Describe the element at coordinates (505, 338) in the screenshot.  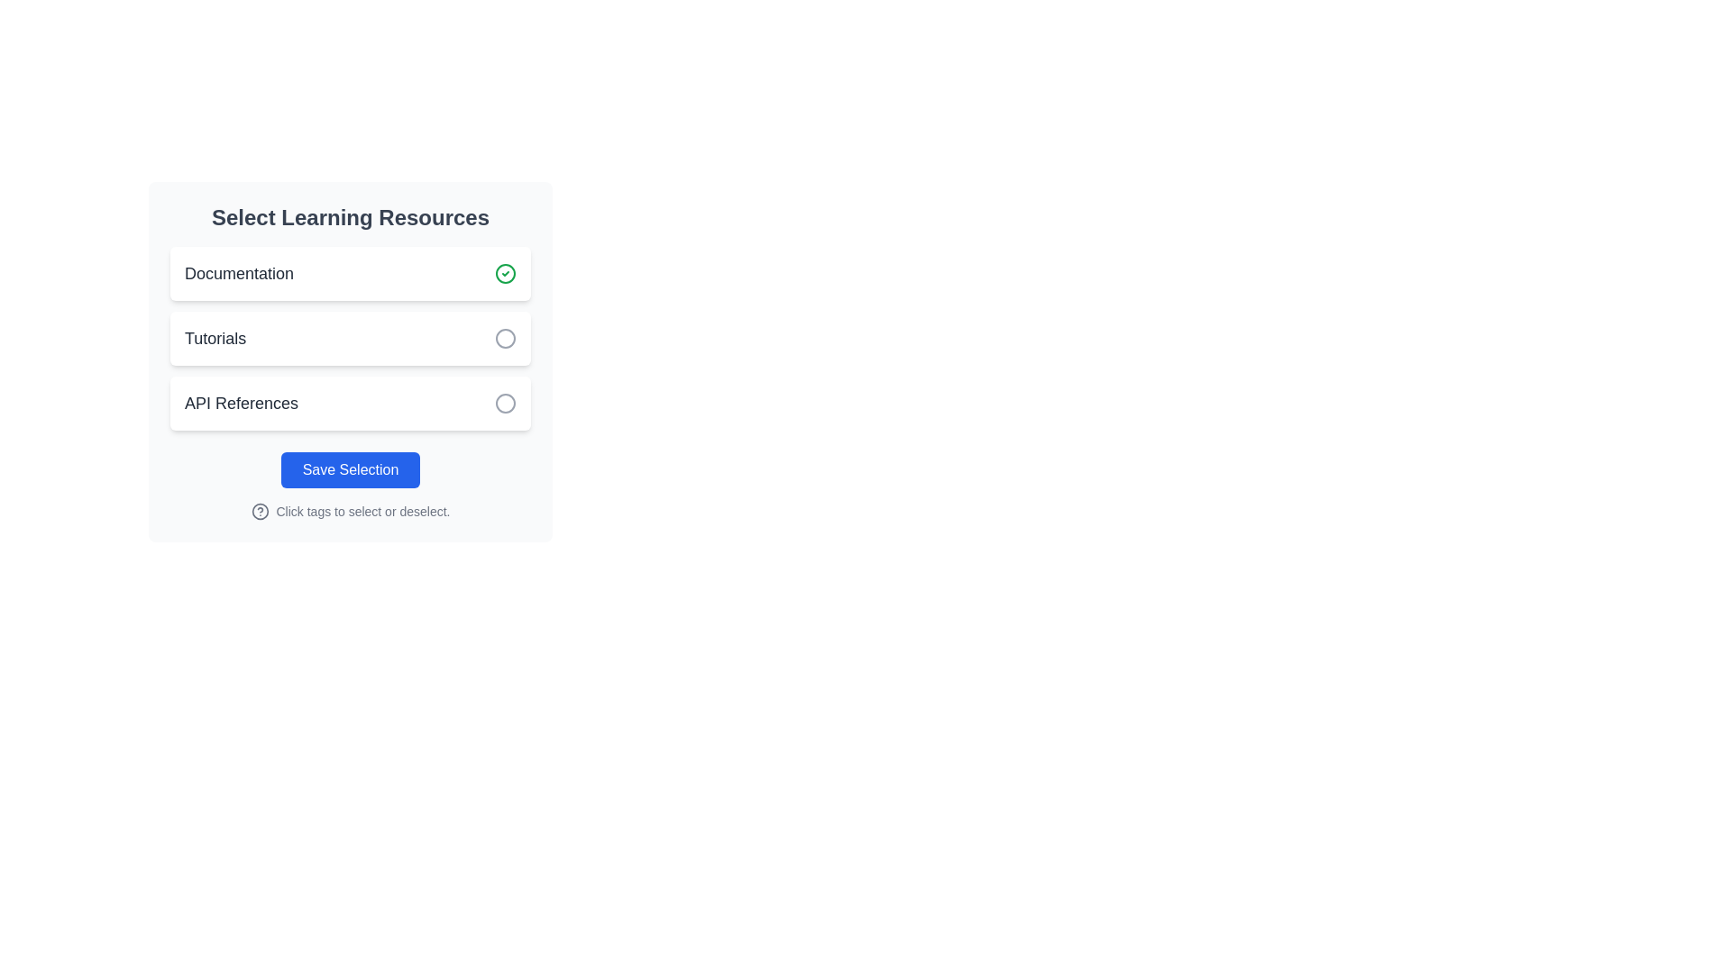
I see `the SVG graphic circle representing the 'Tutorials' option in the list titled 'Select Learning Resources'` at that location.